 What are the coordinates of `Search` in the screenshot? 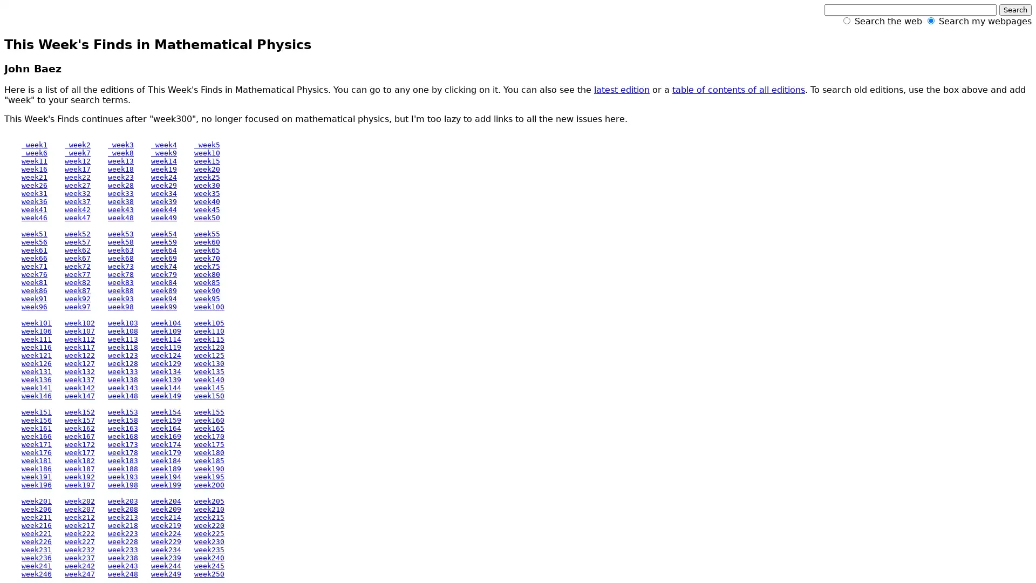 It's located at (1014, 10).